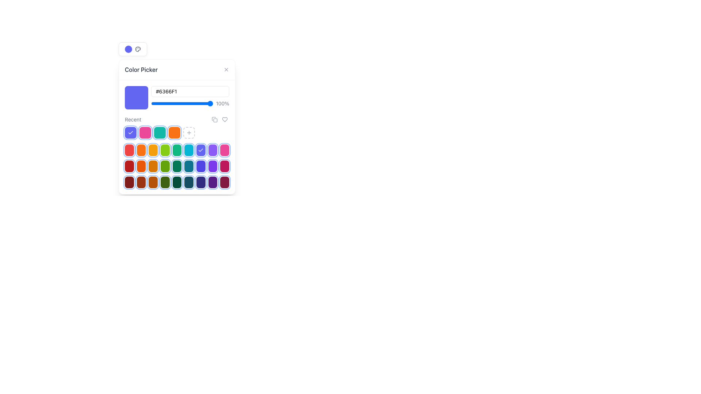  Describe the element at coordinates (164, 150) in the screenshot. I see `the vibrant green Color swatch button located in the fourth position of the first row in the 'Recent' section` at that location.